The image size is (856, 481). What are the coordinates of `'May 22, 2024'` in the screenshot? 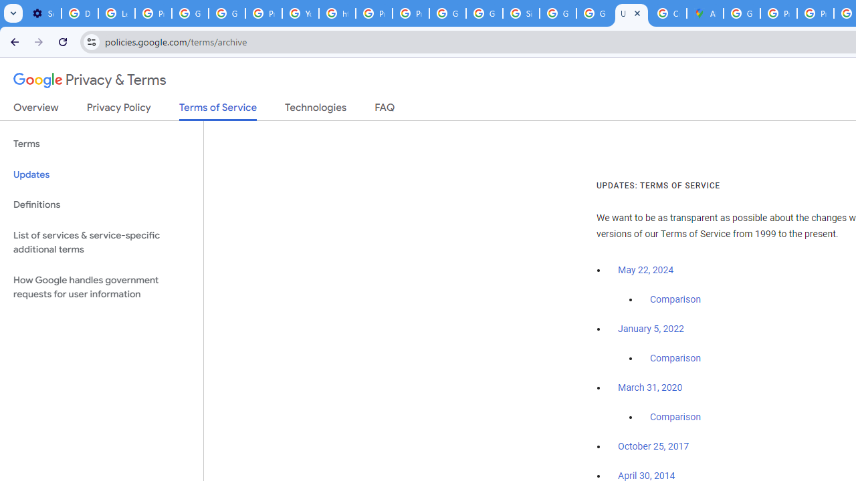 It's located at (646, 271).